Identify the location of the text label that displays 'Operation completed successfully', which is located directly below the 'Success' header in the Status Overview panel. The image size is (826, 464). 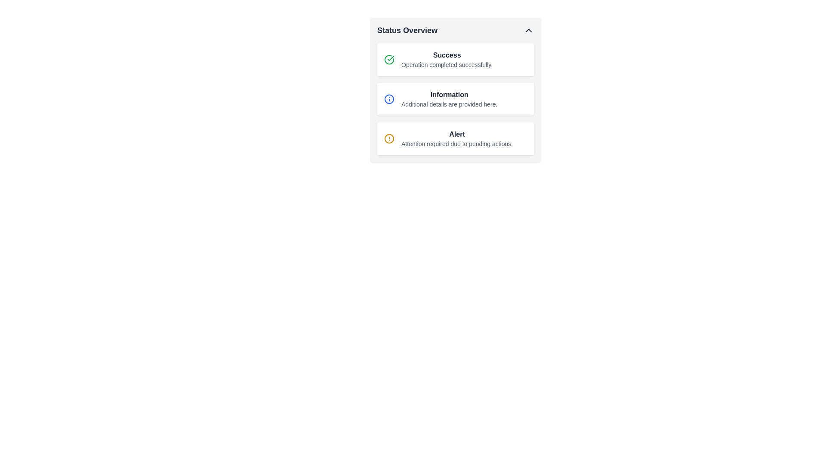
(447, 64).